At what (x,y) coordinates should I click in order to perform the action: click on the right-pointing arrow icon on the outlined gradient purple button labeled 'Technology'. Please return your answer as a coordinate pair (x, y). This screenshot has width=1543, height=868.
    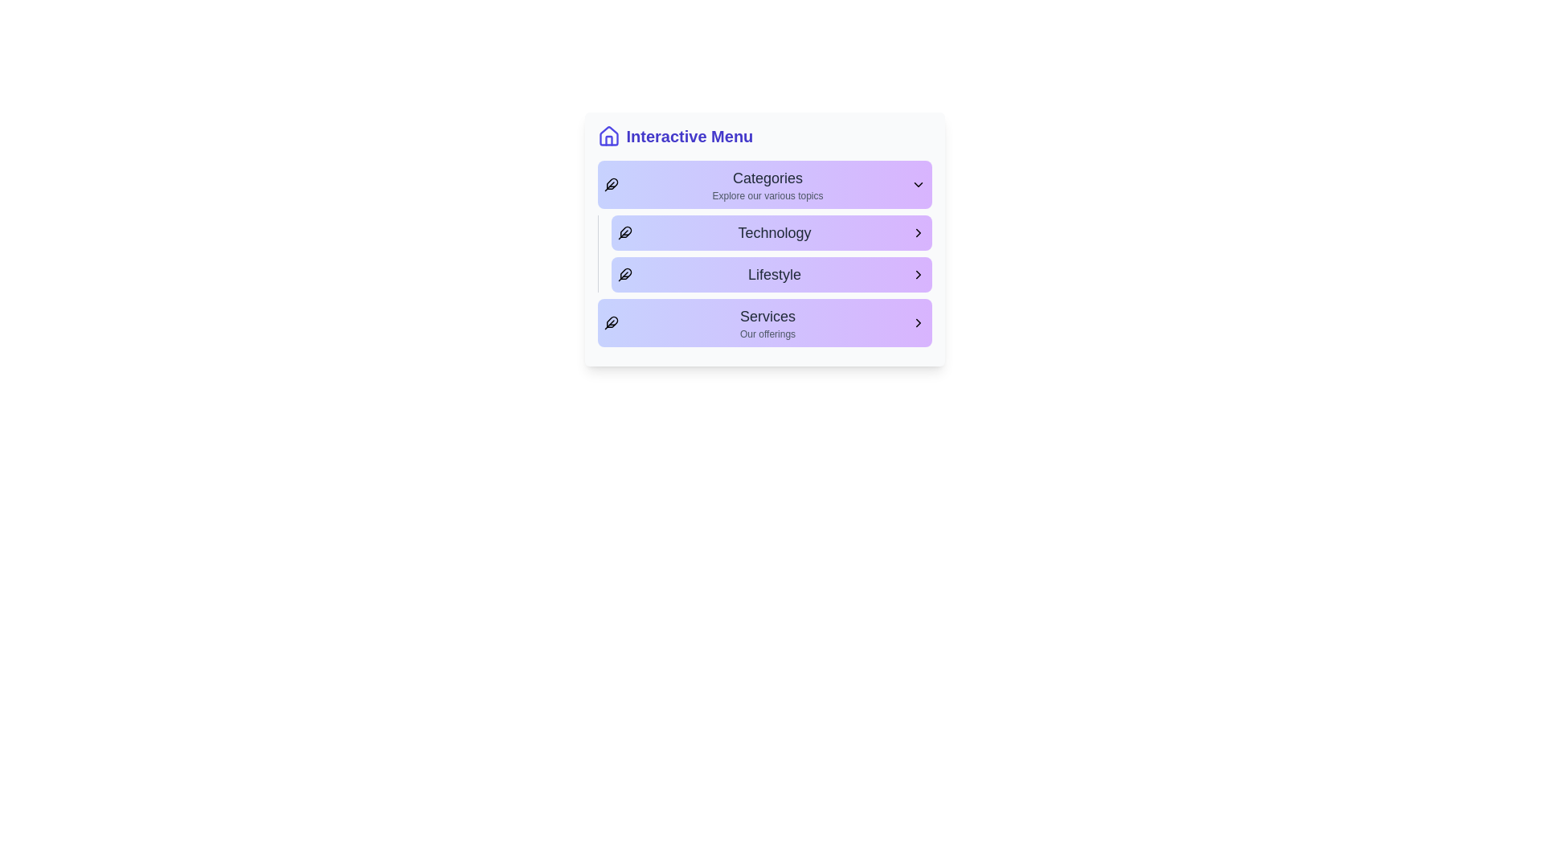
    Looking at the image, I should click on (918, 232).